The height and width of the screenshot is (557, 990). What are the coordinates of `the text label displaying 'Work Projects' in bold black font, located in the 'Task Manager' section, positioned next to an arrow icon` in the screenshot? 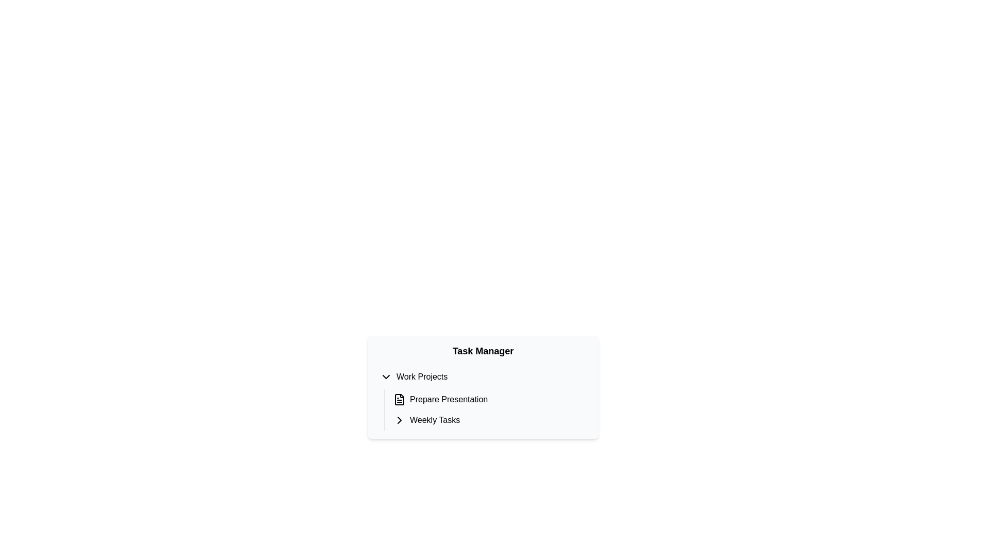 It's located at (422, 377).